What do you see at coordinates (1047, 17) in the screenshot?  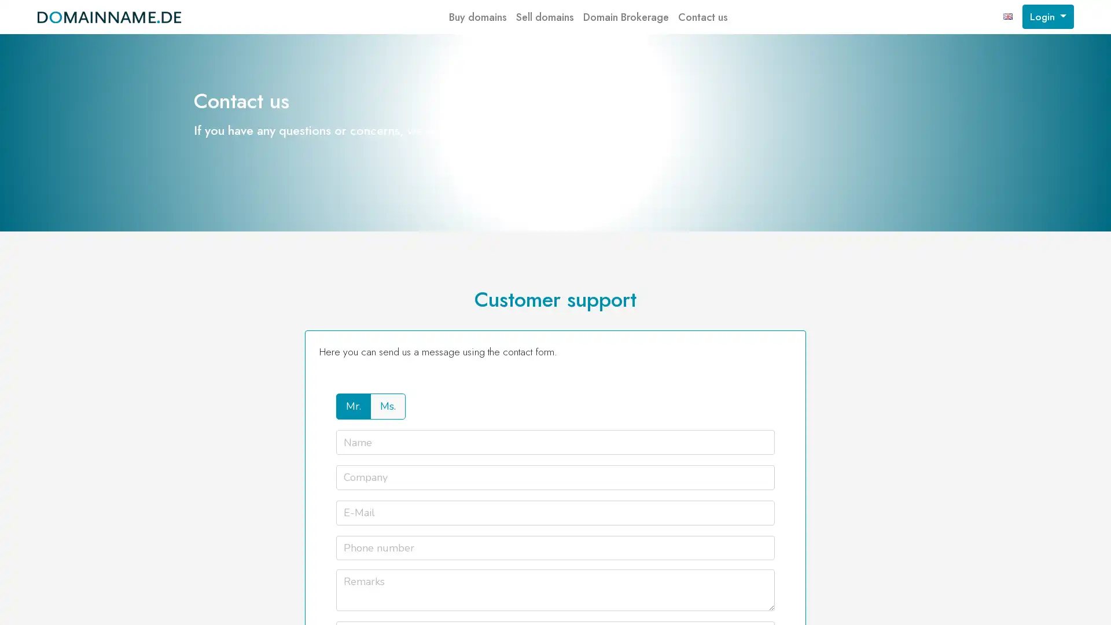 I see `Login` at bounding box center [1047, 17].